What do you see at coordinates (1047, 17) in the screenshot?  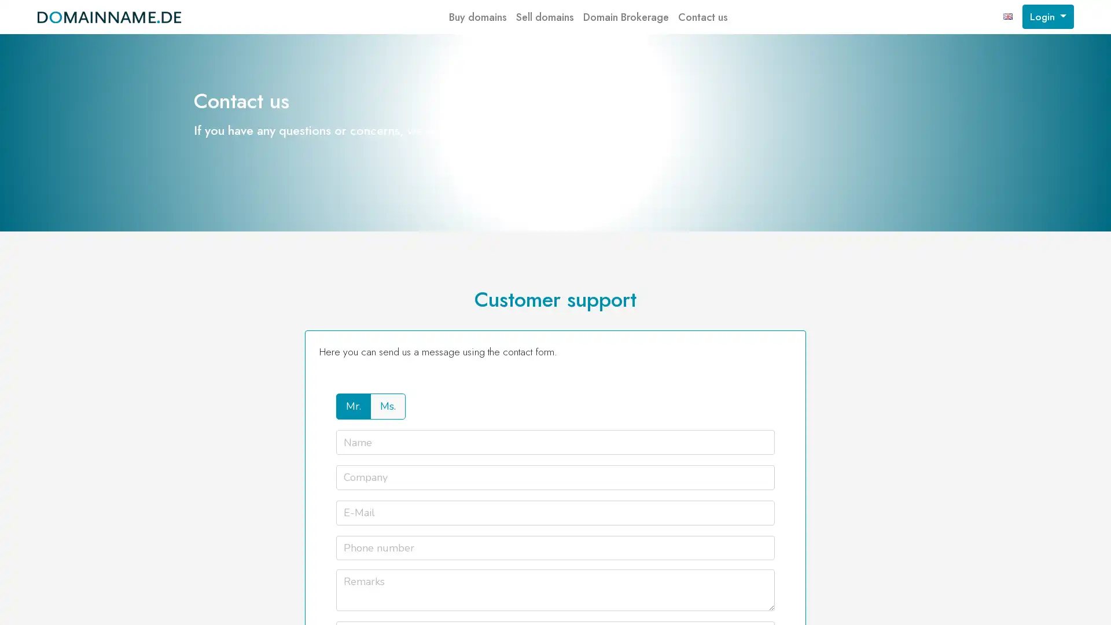 I see `Login` at bounding box center [1047, 17].